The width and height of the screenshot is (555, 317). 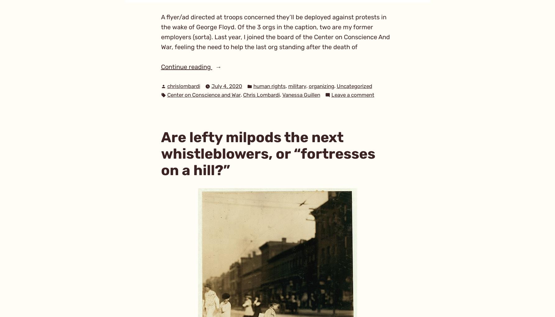 What do you see at coordinates (268, 153) in the screenshot?
I see `'Are lefty milpods the next  whistleblowers, or “fortresses on a hill?”'` at bounding box center [268, 153].